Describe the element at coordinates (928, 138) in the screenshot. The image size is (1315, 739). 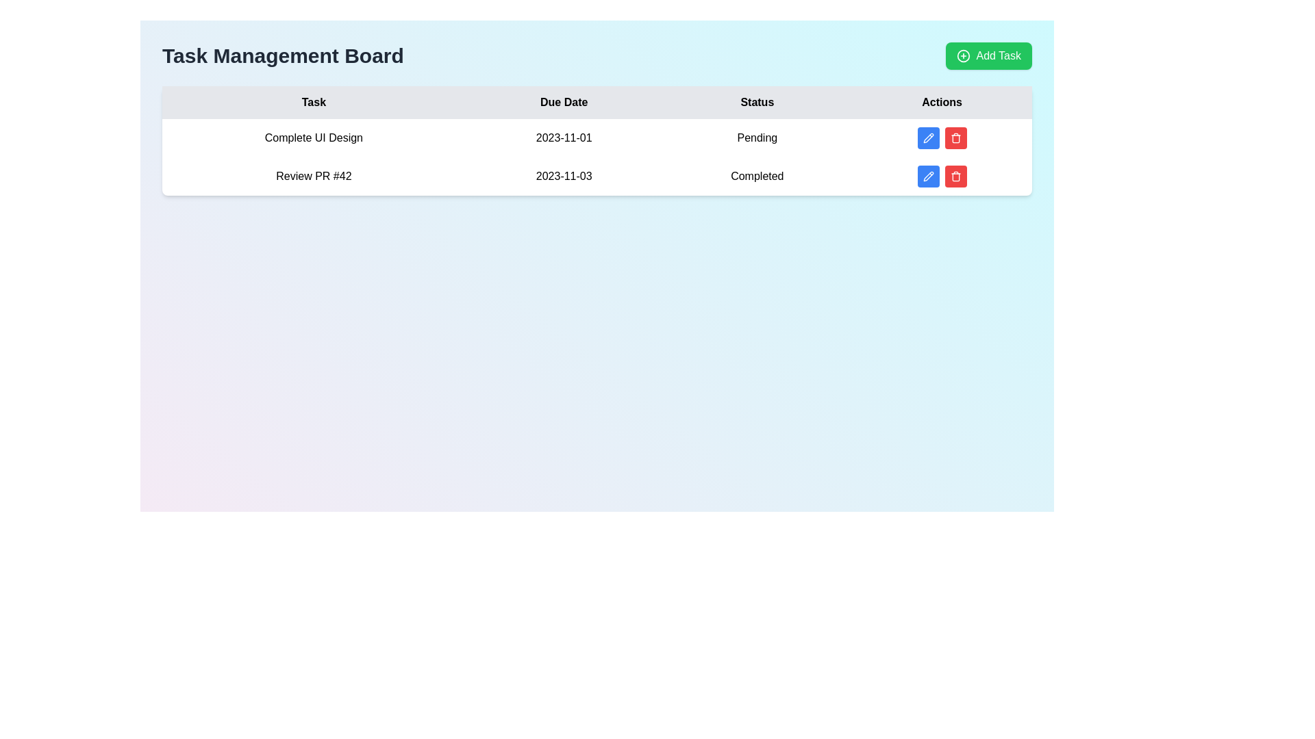
I see `the edit action icon located in the second row of the task list, which is the second icon from the left in the 'Actions' column` at that location.